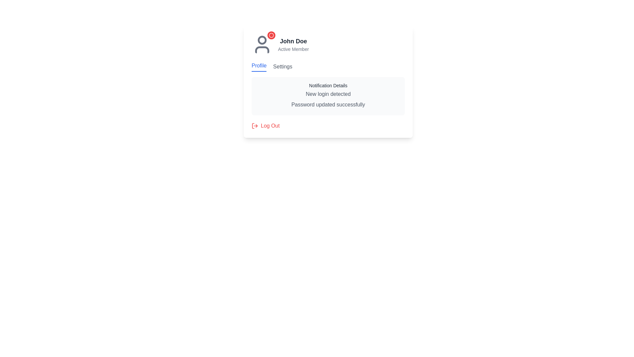 The height and width of the screenshot is (357, 634). Describe the element at coordinates (328, 94) in the screenshot. I see `the notification text that indicates a new login activity, which is the first item in the notification list above the 'Password updated successfully' label` at that location.